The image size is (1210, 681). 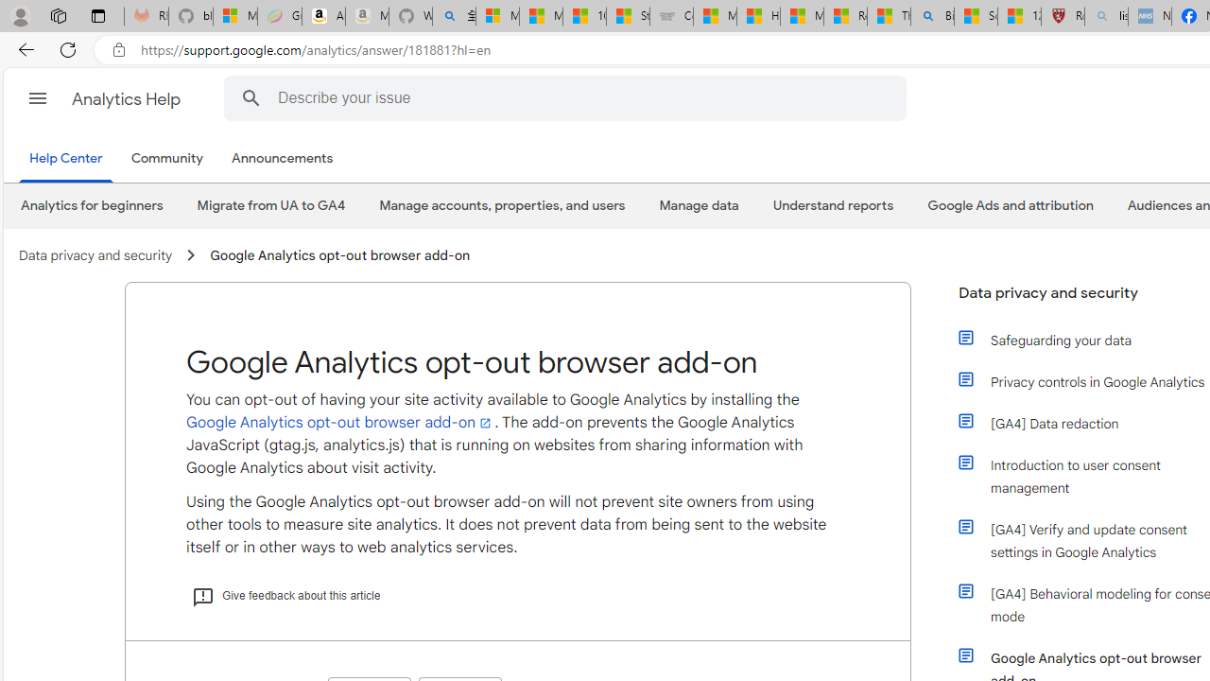 What do you see at coordinates (269, 205) in the screenshot?
I see `'Migrate from UA to GA4'` at bounding box center [269, 205].